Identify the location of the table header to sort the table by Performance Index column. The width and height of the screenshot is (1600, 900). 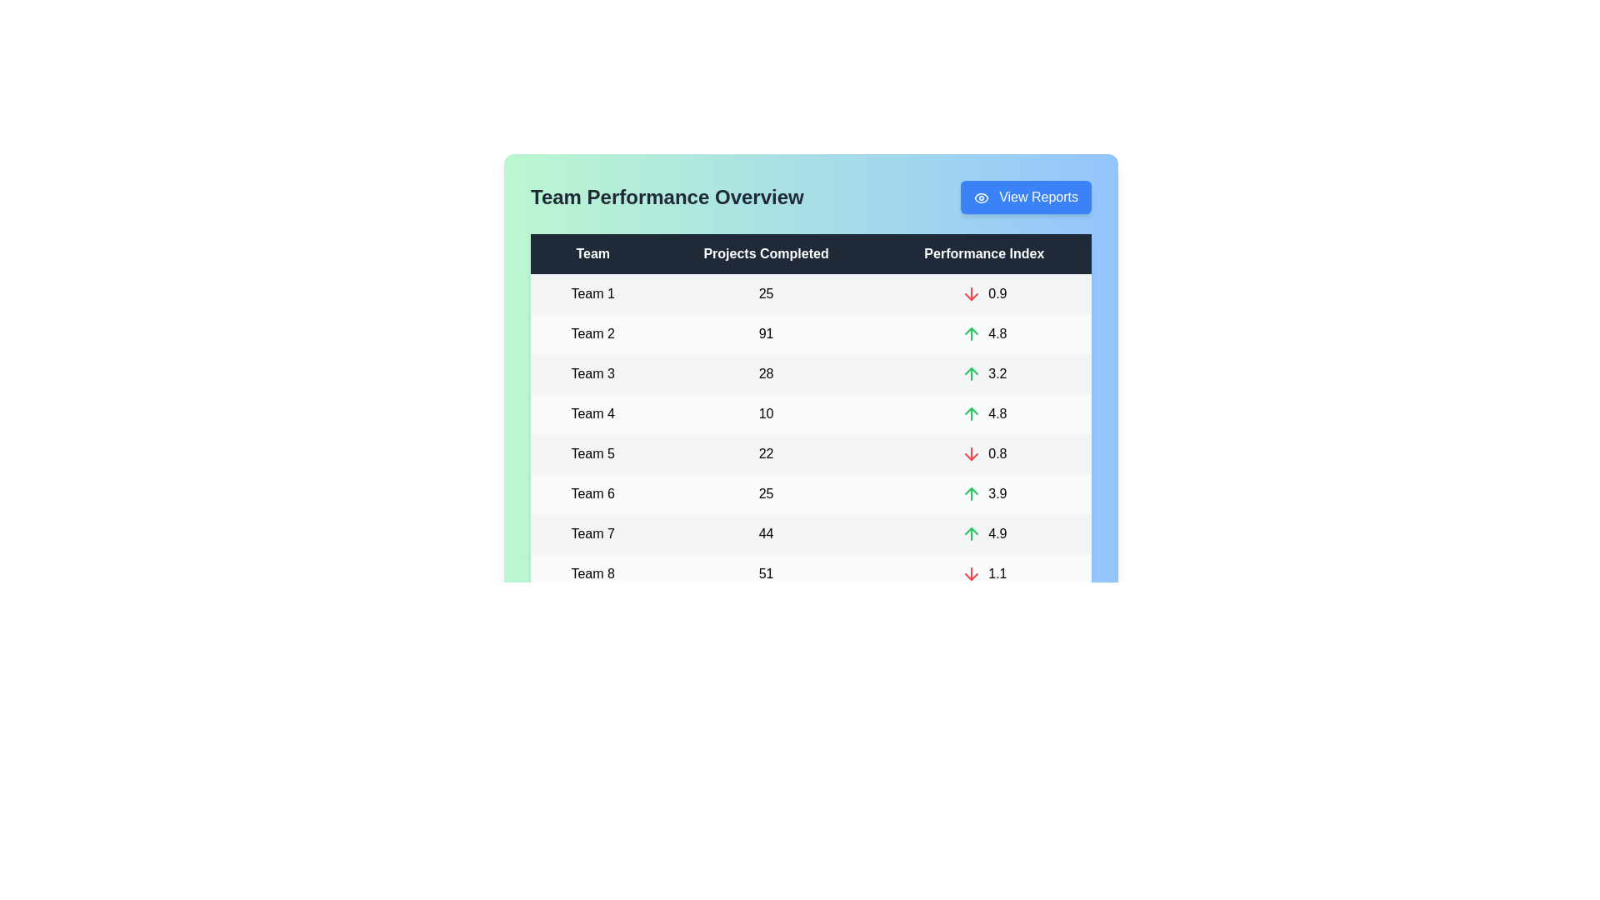
(984, 253).